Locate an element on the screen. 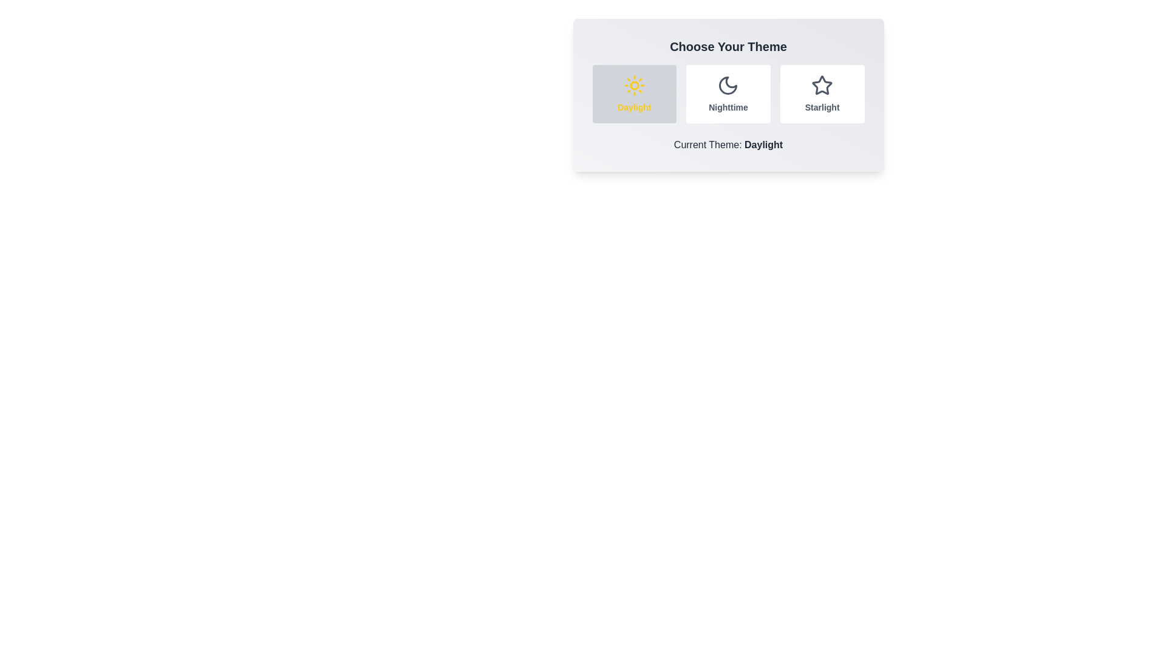 The width and height of the screenshot is (1166, 656). the Starlight button to observe its hover effect is located at coordinates (822, 93).